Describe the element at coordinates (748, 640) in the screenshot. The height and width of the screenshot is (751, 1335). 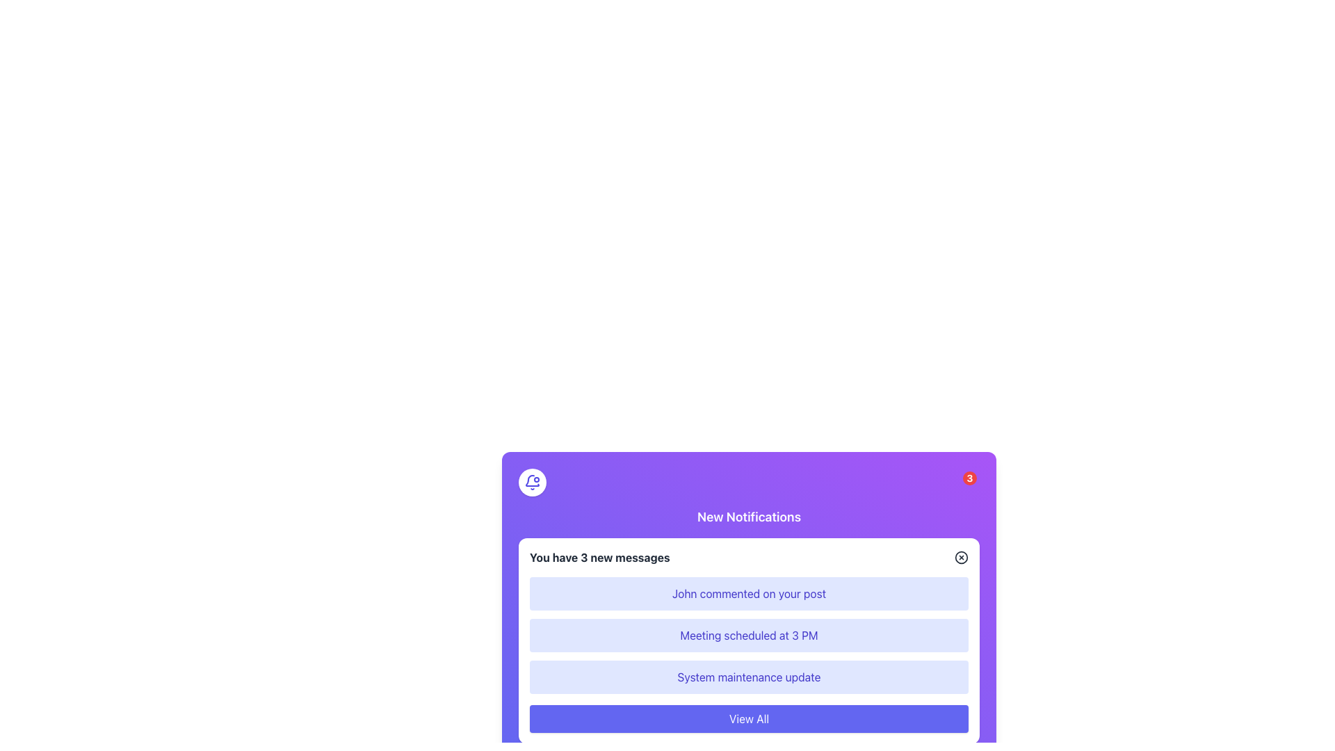
I see `the Text Description Box that displays notification content regarding a scheduled meeting at 3 PM` at that location.